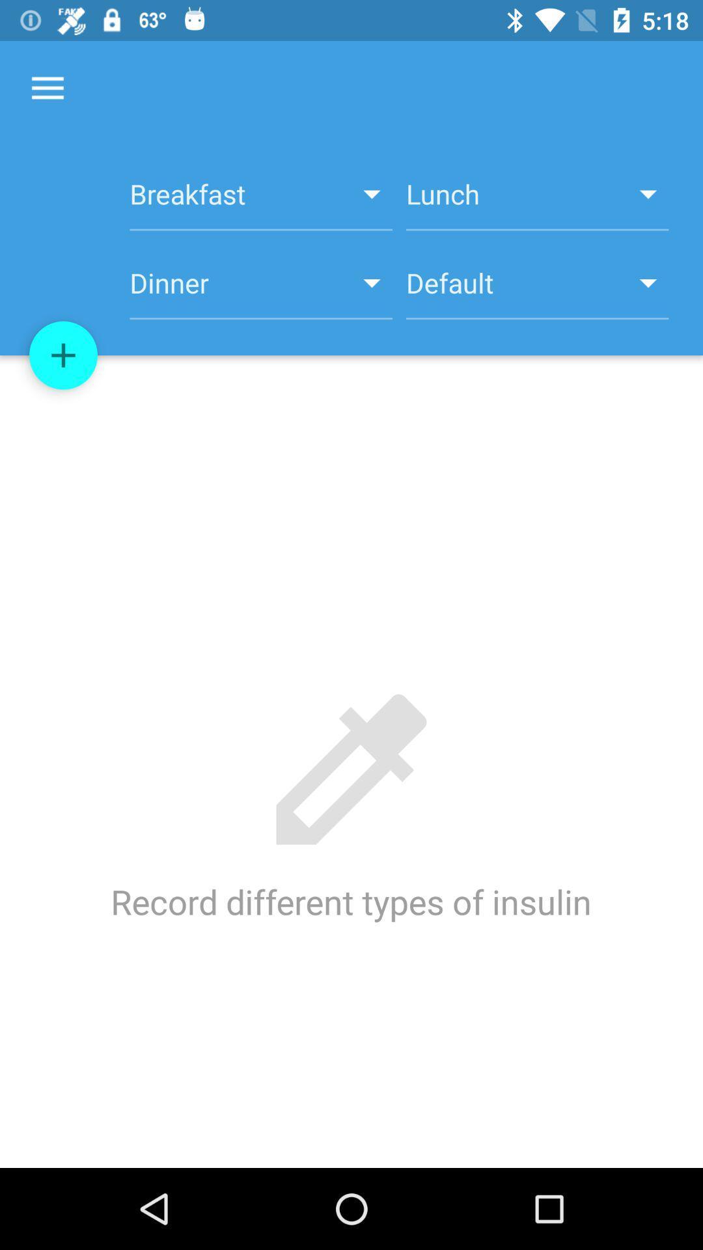 The image size is (703, 1250). I want to click on the add icon, so click(63, 355).